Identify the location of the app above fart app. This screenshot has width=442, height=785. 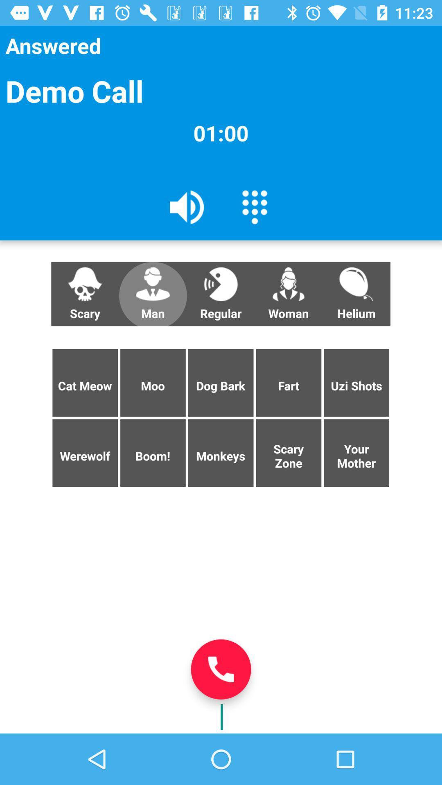
(356, 294).